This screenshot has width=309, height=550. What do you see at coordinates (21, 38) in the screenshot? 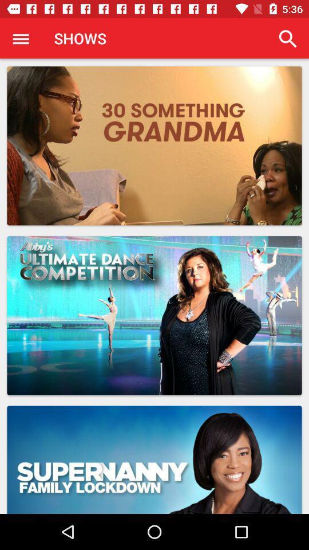
I see `the icon next to the shows icon` at bounding box center [21, 38].